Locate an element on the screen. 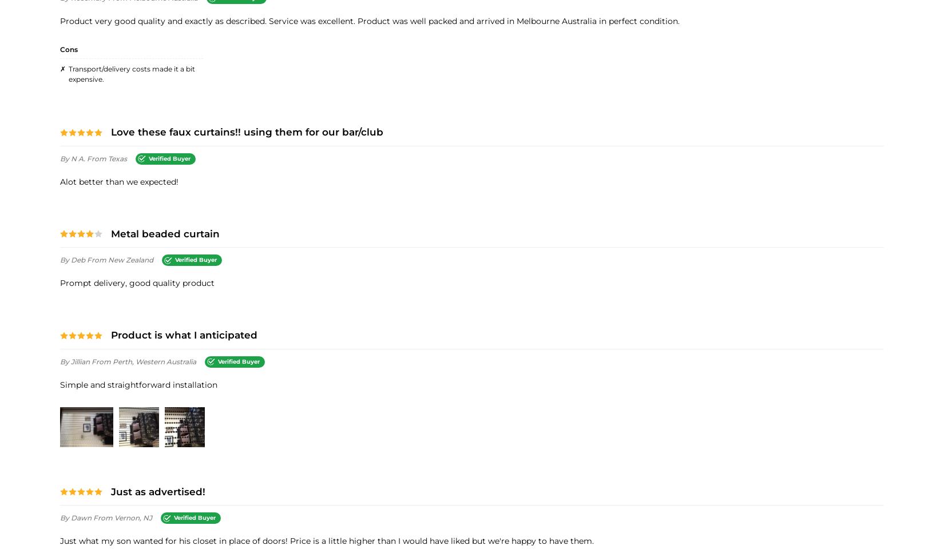  'alot better than we expected!' is located at coordinates (60, 181).